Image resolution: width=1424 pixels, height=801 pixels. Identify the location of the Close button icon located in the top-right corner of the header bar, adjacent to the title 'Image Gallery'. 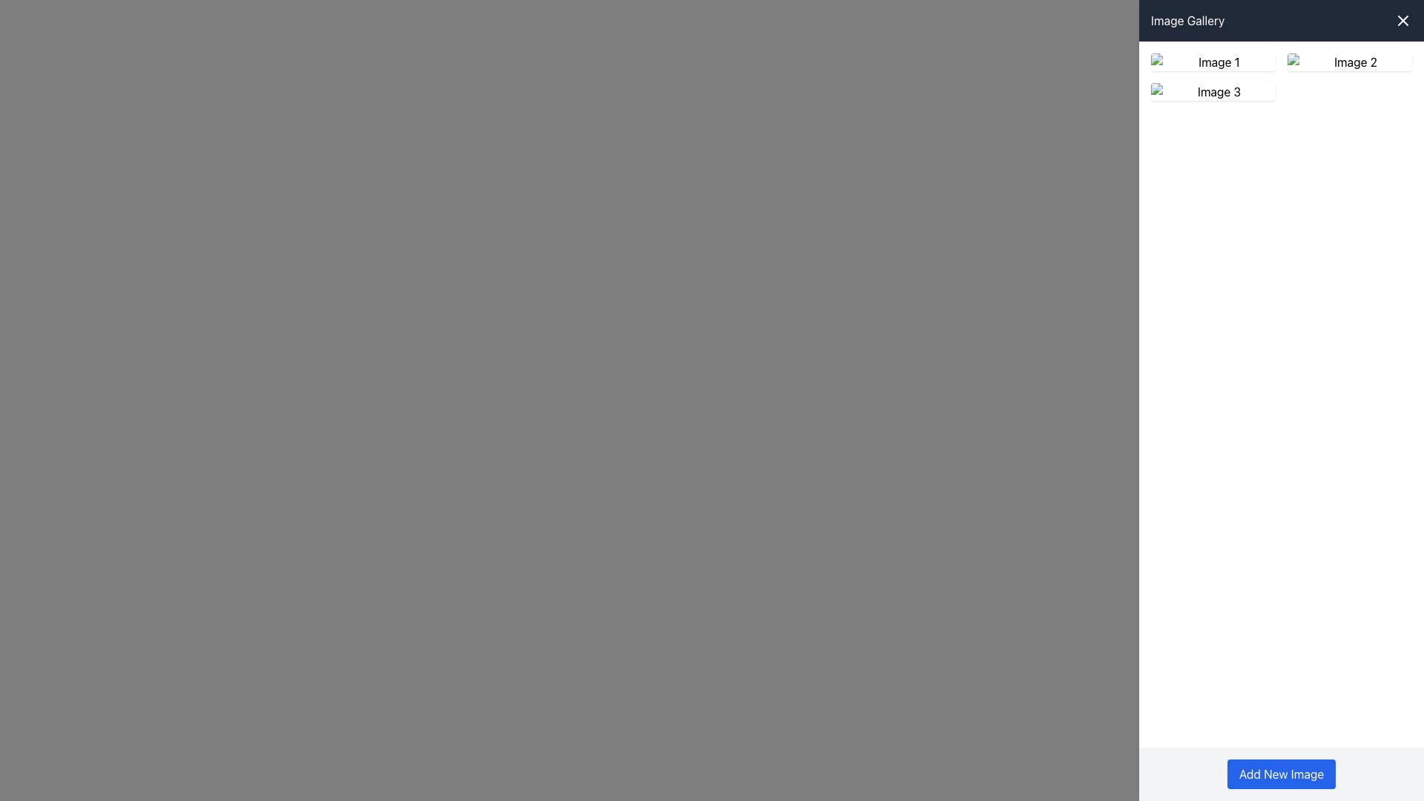
(1402, 20).